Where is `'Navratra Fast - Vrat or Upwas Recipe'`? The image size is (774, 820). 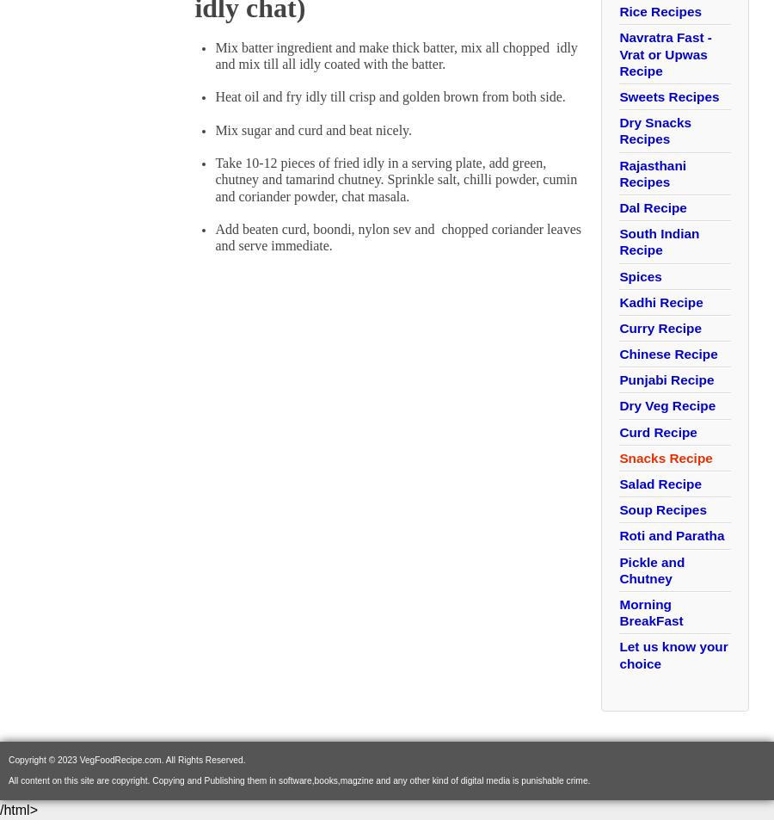
'Navratra Fast - Vrat or Upwas Recipe' is located at coordinates (664, 52).